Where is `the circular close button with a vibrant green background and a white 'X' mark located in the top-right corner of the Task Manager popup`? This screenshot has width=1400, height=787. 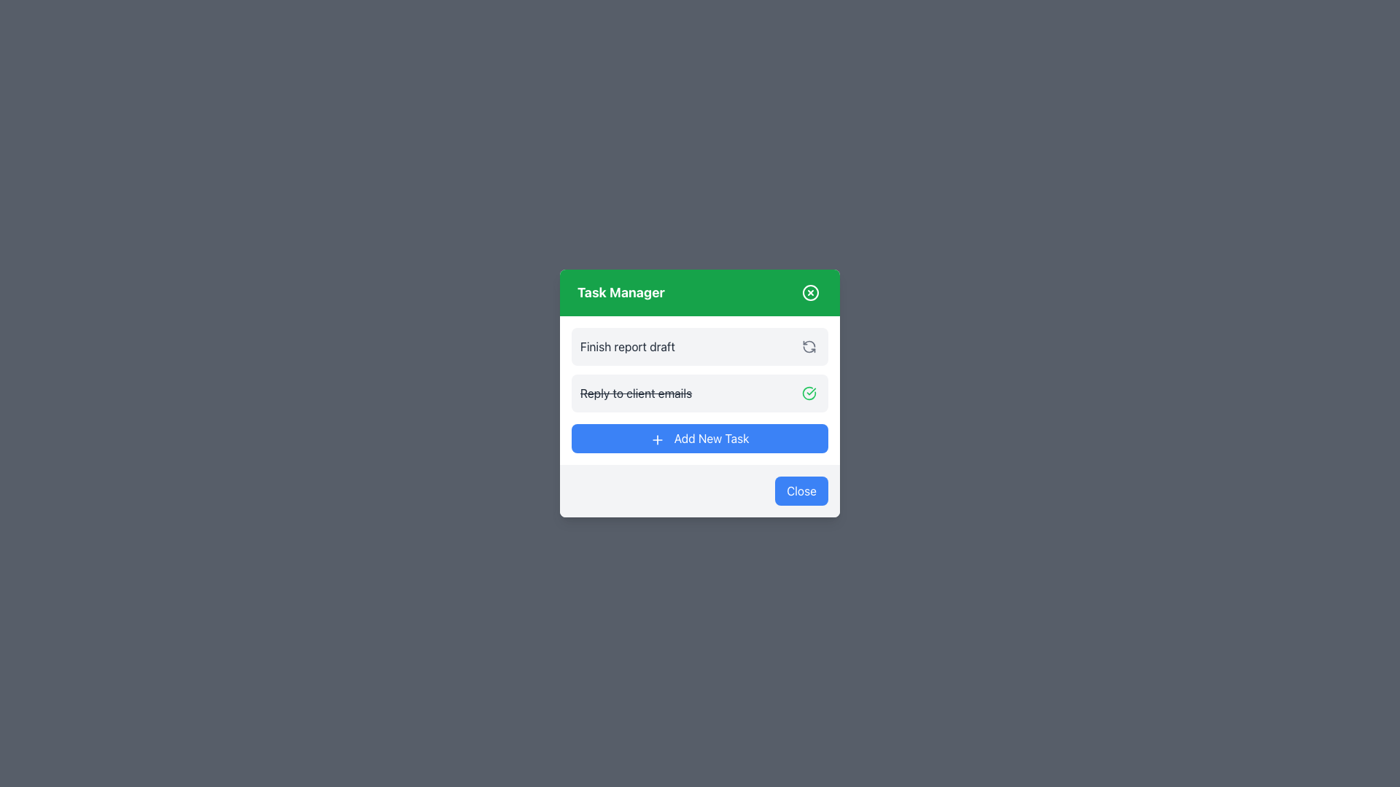 the circular close button with a vibrant green background and a white 'X' mark located in the top-right corner of the Task Manager popup is located at coordinates (810, 292).